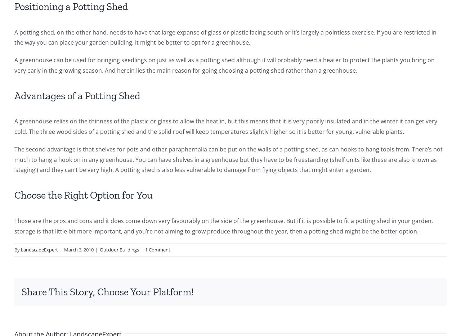 This screenshot has width=461, height=336. I want to click on 'Positioning a Potting Shed', so click(71, 6).